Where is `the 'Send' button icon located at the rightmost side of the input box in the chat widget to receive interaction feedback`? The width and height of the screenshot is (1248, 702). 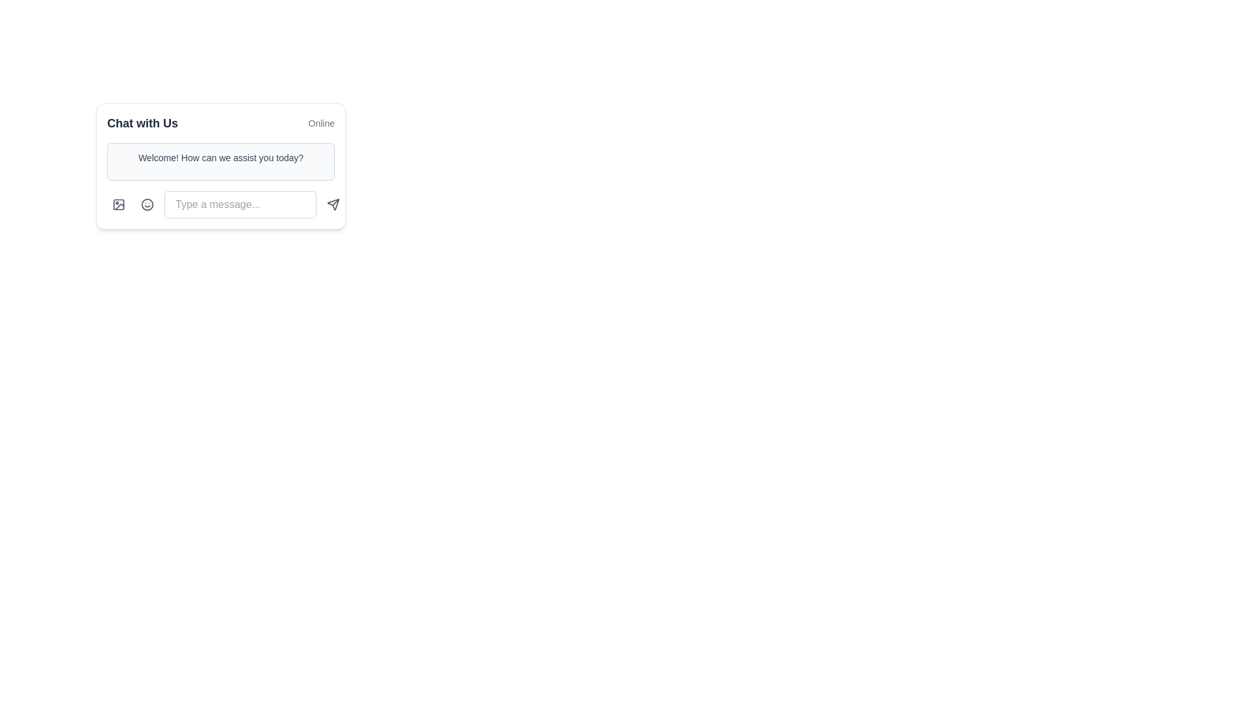 the 'Send' button icon located at the rightmost side of the input box in the chat widget to receive interaction feedback is located at coordinates (333, 205).